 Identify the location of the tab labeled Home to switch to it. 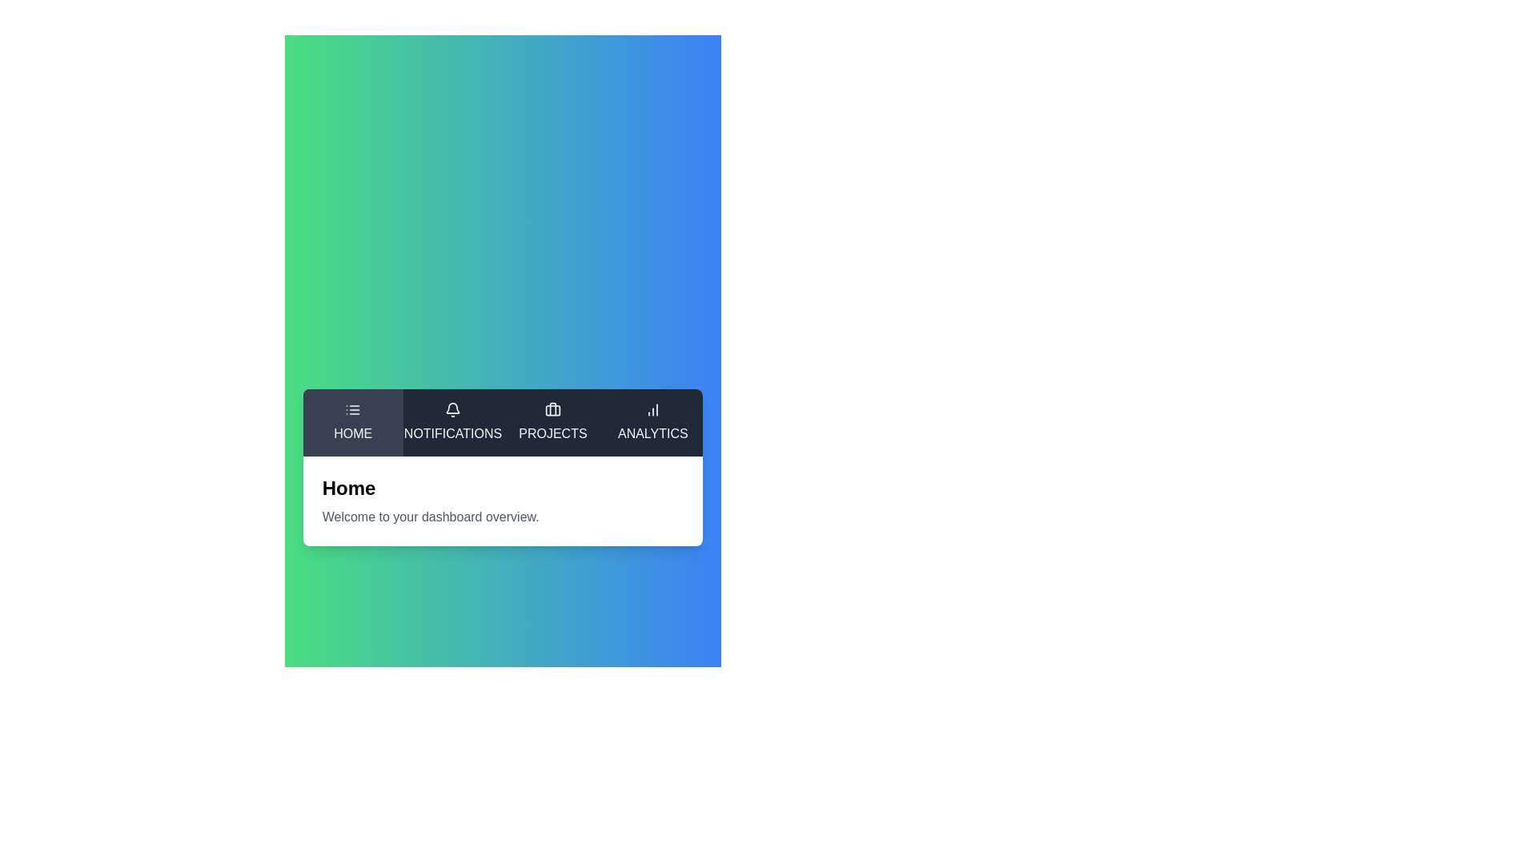
(352, 422).